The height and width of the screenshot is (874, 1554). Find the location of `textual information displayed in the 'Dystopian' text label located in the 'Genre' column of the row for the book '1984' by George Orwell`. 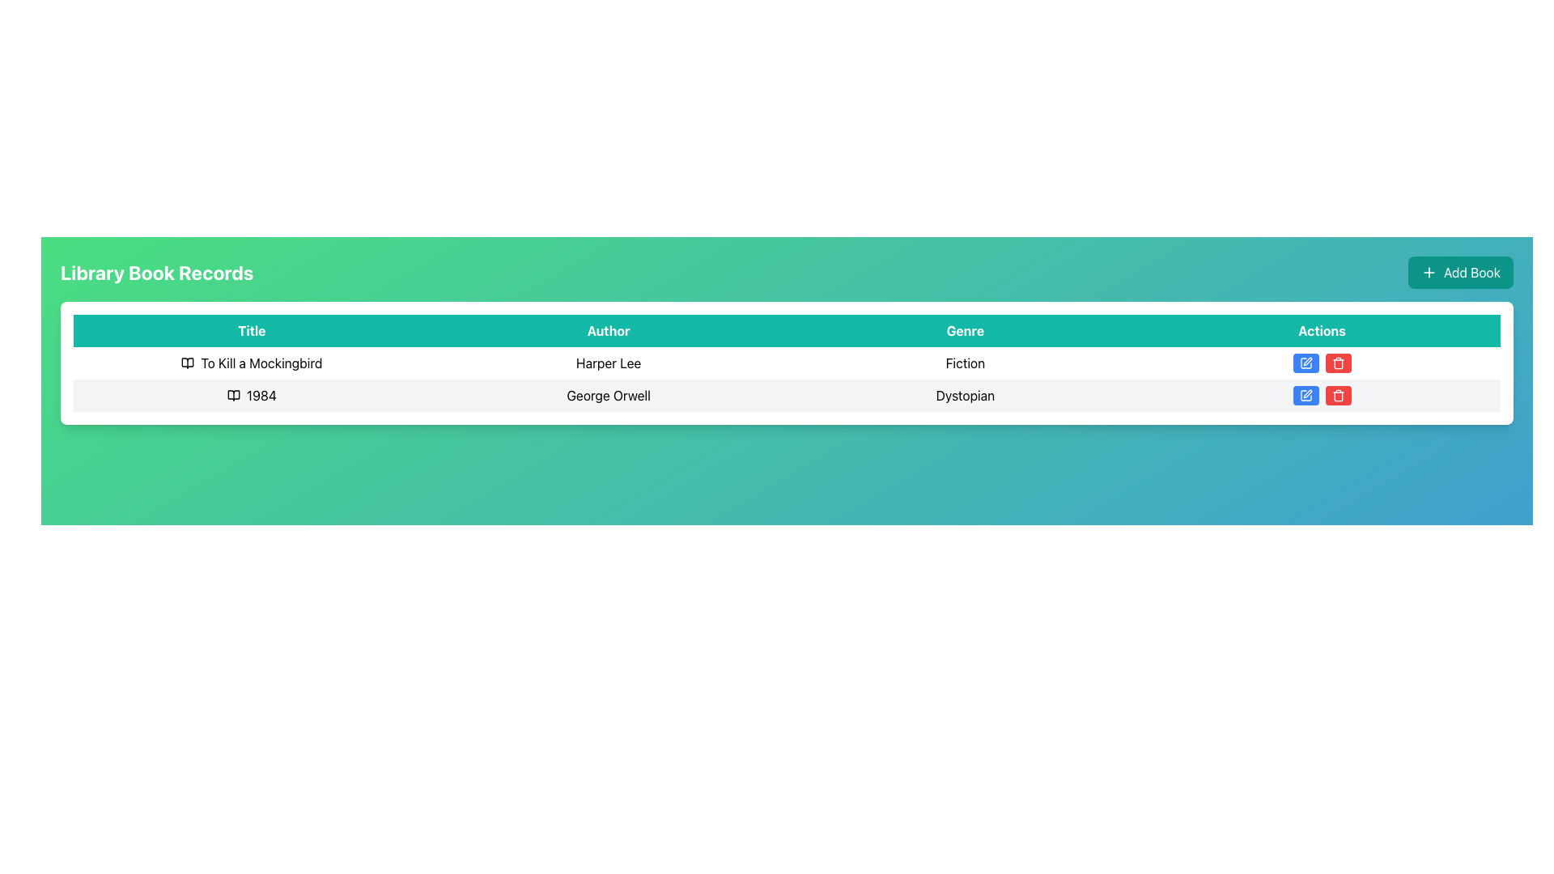

textual information displayed in the 'Dystopian' text label located in the 'Genre' column of the row for the book '1984' by George Orwell is located at coordinates (965, 396).